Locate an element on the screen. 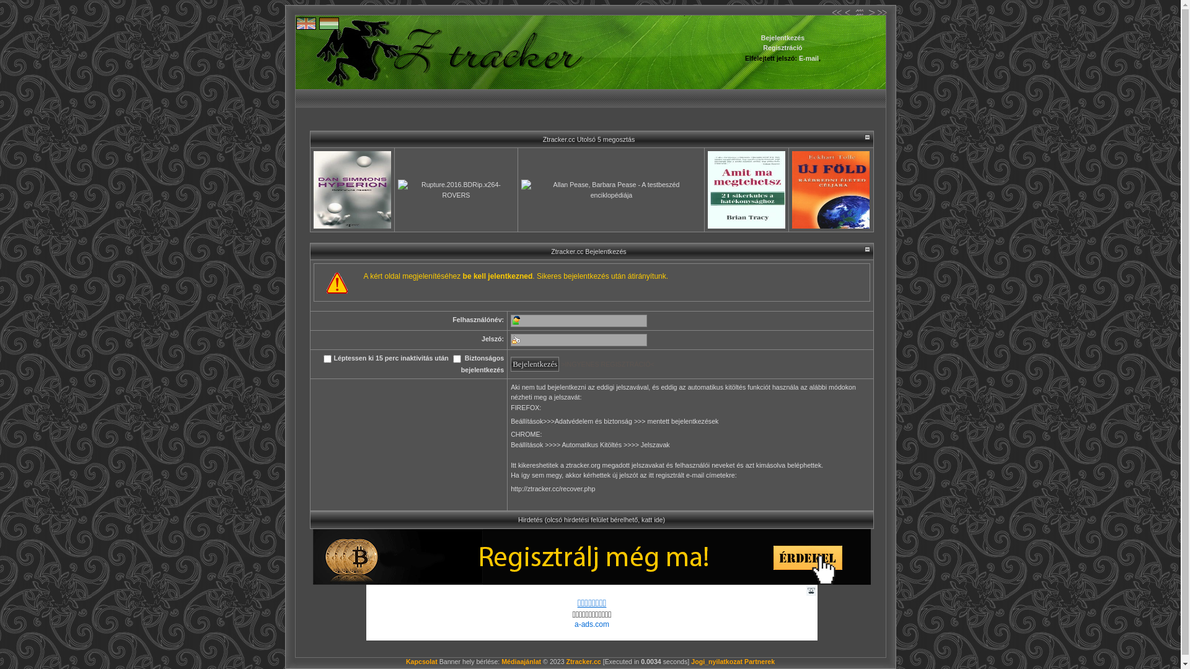 This screenshot has height=669, width=1190. 'Jogi_nyilatkozat' is located at coordinates (716, 661).